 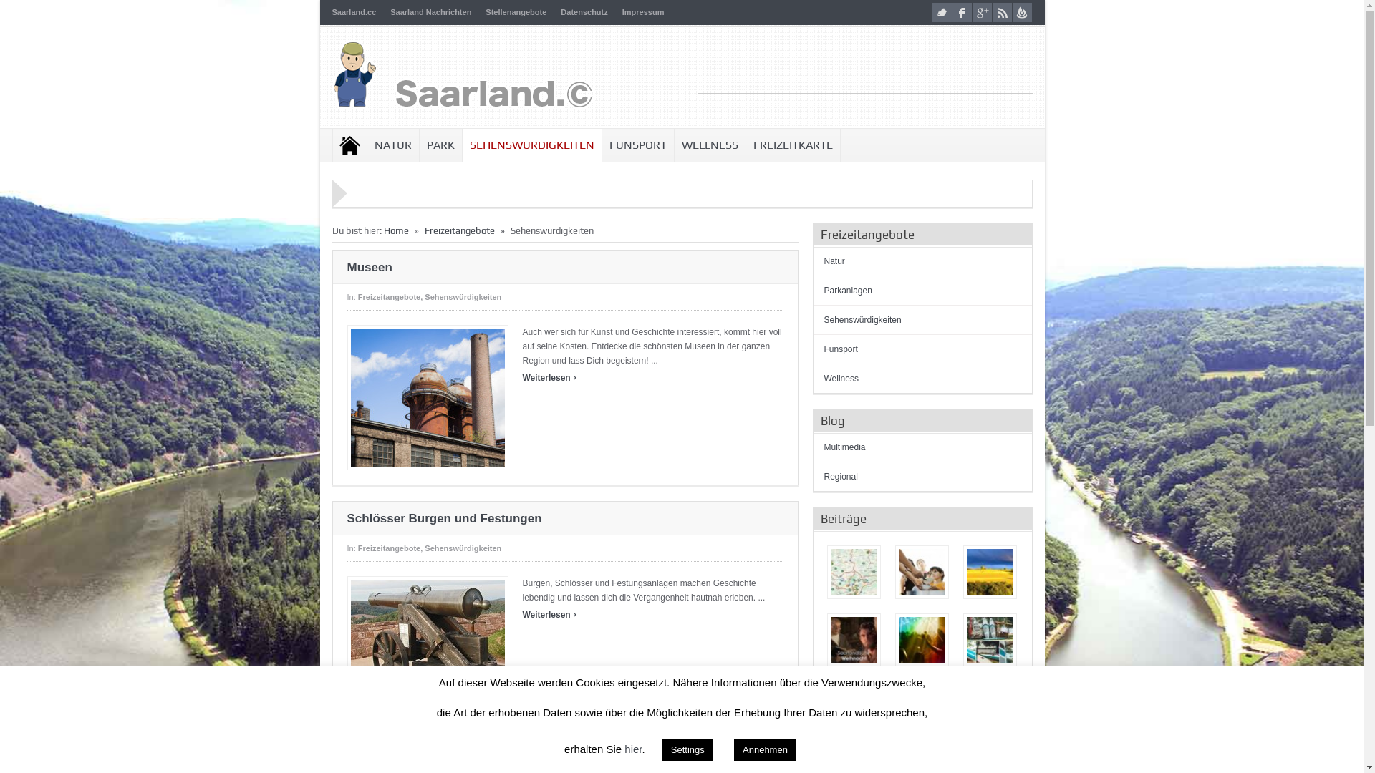 What do you see at coordinates (687, 749) in the screenshot?
I see `'Settings'` at bounding box center [687, 749].